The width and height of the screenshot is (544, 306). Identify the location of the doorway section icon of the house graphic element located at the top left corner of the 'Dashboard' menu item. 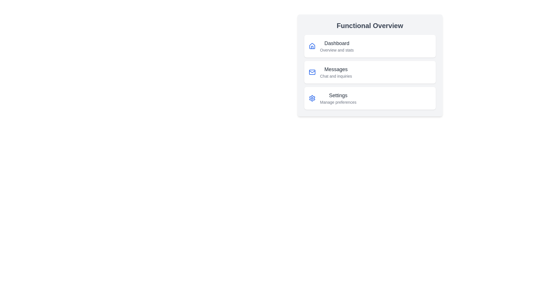
(312, 47).